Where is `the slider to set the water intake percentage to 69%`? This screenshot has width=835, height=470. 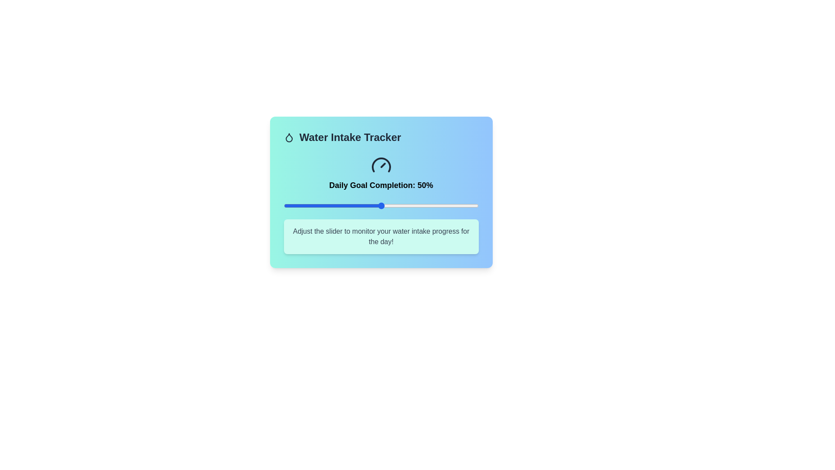
the slider to set the water intake percentage to 69% is located at coordinates (418, 206).